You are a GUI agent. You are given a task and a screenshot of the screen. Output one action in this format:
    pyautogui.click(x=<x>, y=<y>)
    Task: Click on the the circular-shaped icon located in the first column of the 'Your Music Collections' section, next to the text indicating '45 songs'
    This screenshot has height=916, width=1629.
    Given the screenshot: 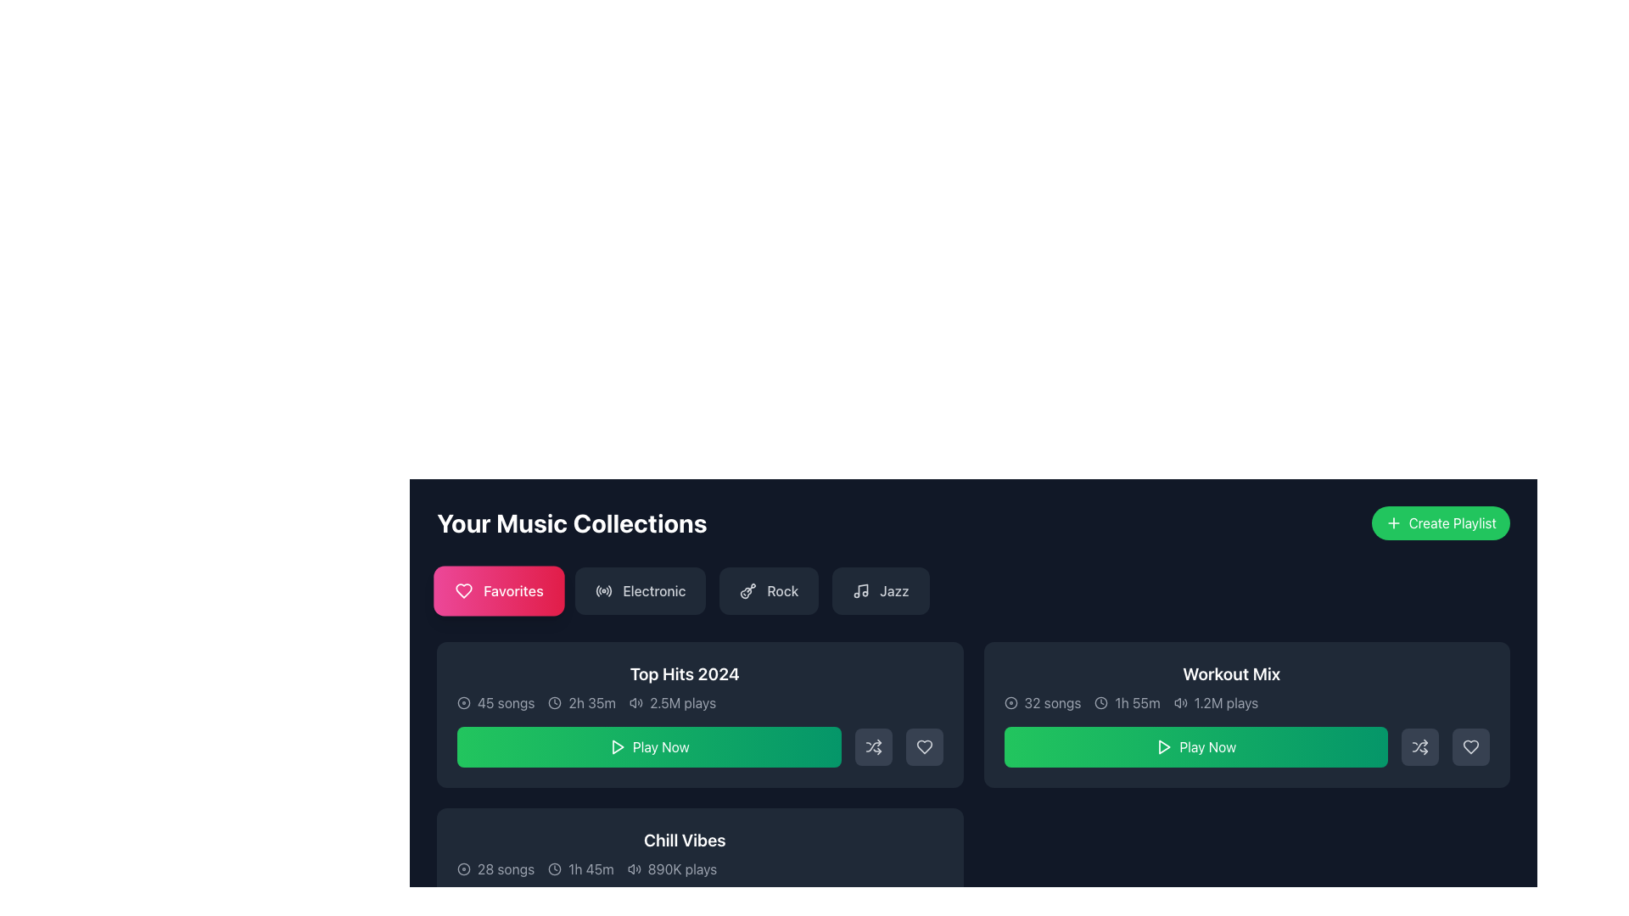 What is the action you would take?
    pyautogui.click(x=464, y=703)
    